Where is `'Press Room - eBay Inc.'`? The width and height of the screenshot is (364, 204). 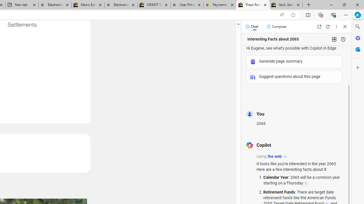
'Press Room - eBay Inc.' is located at coordinates (253, 5).